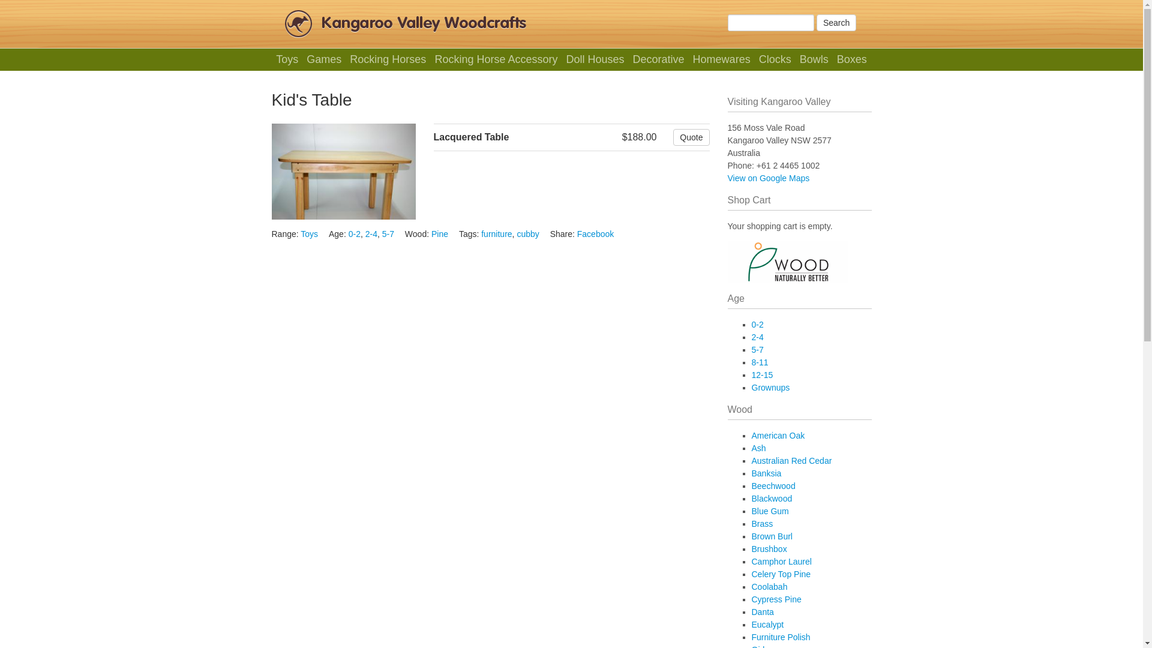 Image resolution: width=1152 pixels, height=648 pixels. What do you see at coordinates (273, 59) in the screenshot?
I see `'Toys'` at bounding box center [273, 59].